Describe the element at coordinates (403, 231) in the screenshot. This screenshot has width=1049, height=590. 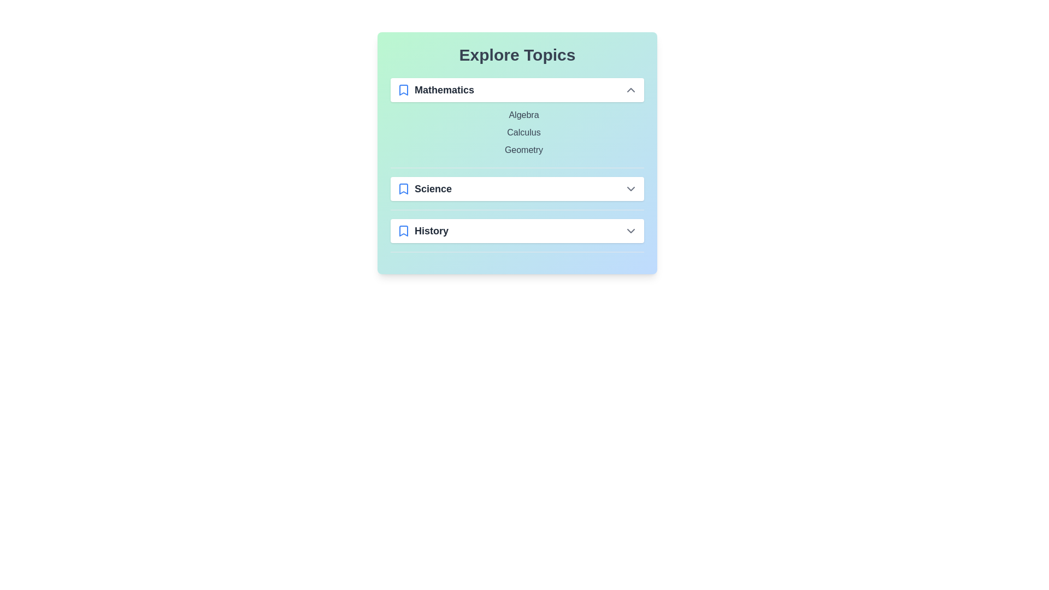
I see `the bookmark icon for the History category` at that location.